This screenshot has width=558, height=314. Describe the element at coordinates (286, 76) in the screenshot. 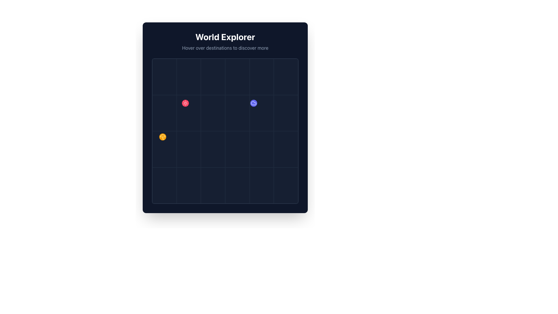

I see `the rectangular grid cell located in the top-right corner of the grid layout, which has a dark background and thin light borders` at that location.